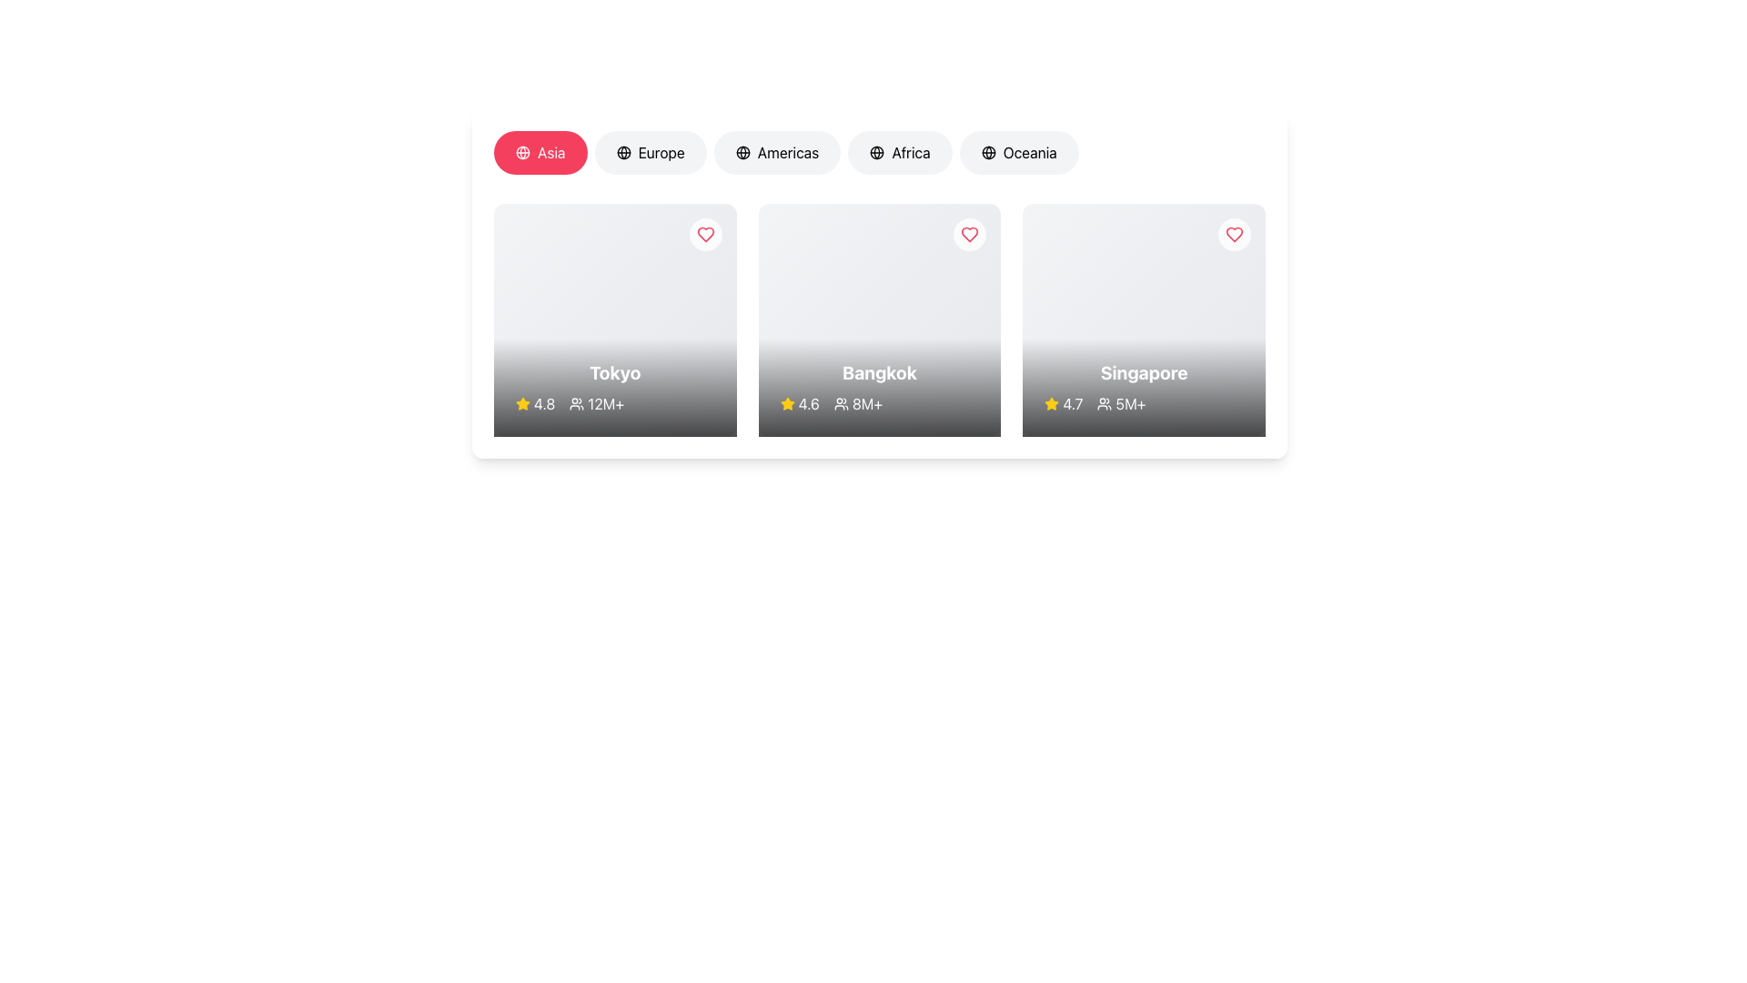  What do you see at coordinates (704, 234) in the screenshot?
I see `the 'favorite' or 'like' button located at the top-right corner of the 'Tokyo' card` at bounding box center [704, 234].